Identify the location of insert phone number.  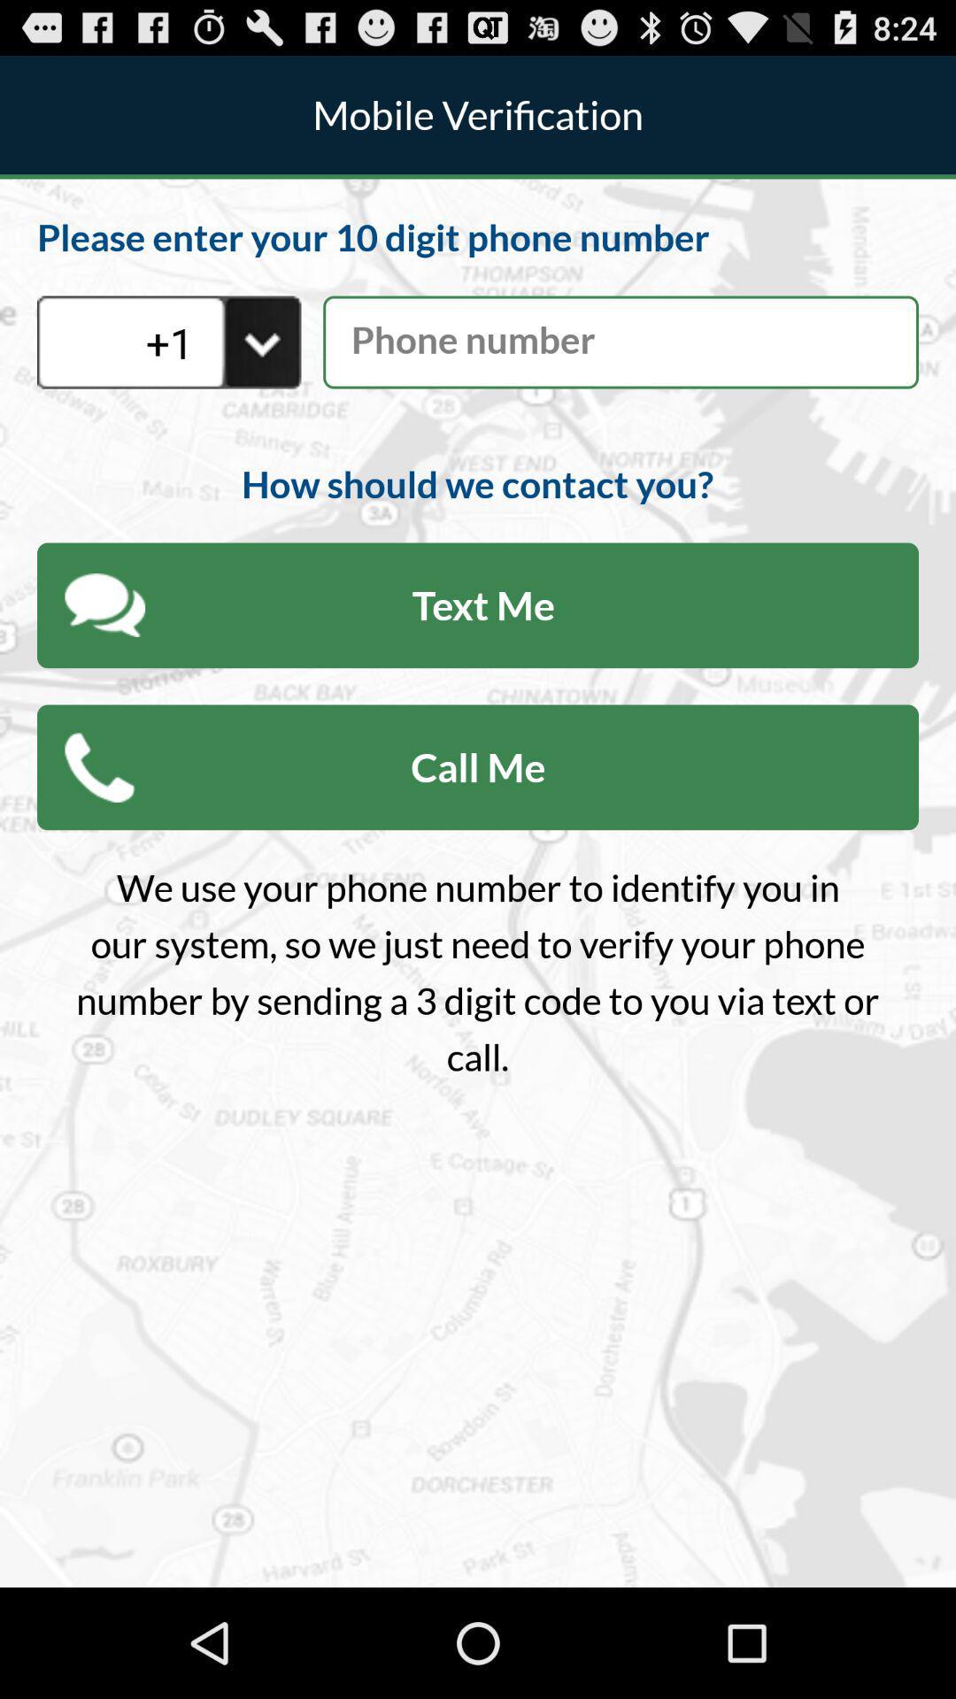
(620, 342).